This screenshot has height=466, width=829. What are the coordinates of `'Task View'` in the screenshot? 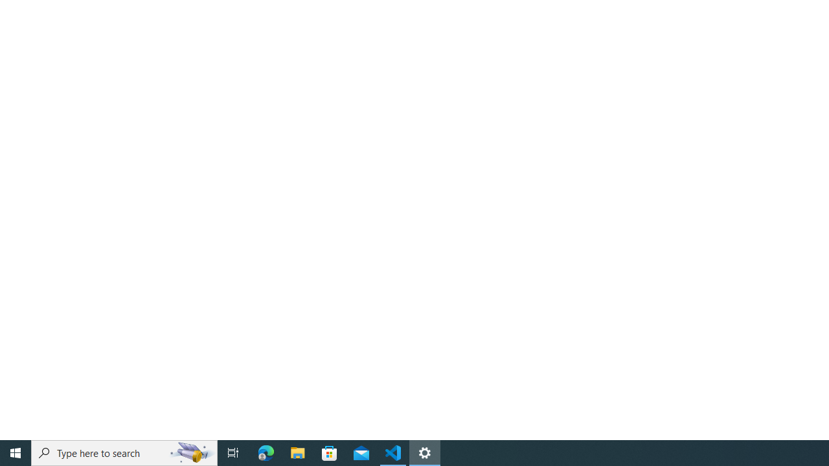 It's located at (233, 452).